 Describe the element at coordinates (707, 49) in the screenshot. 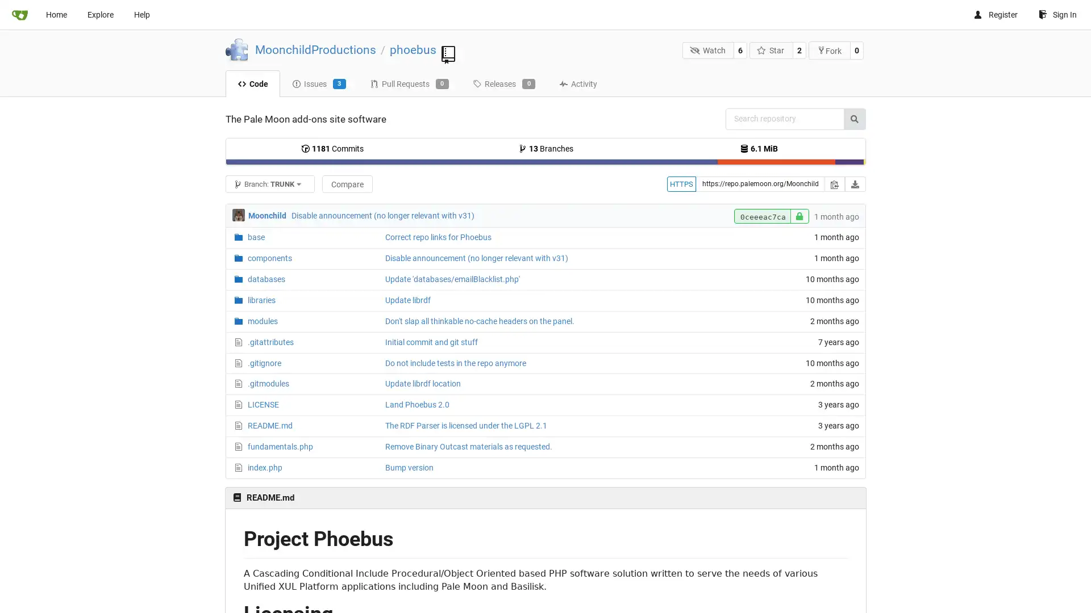

I see `Watch` at that location.